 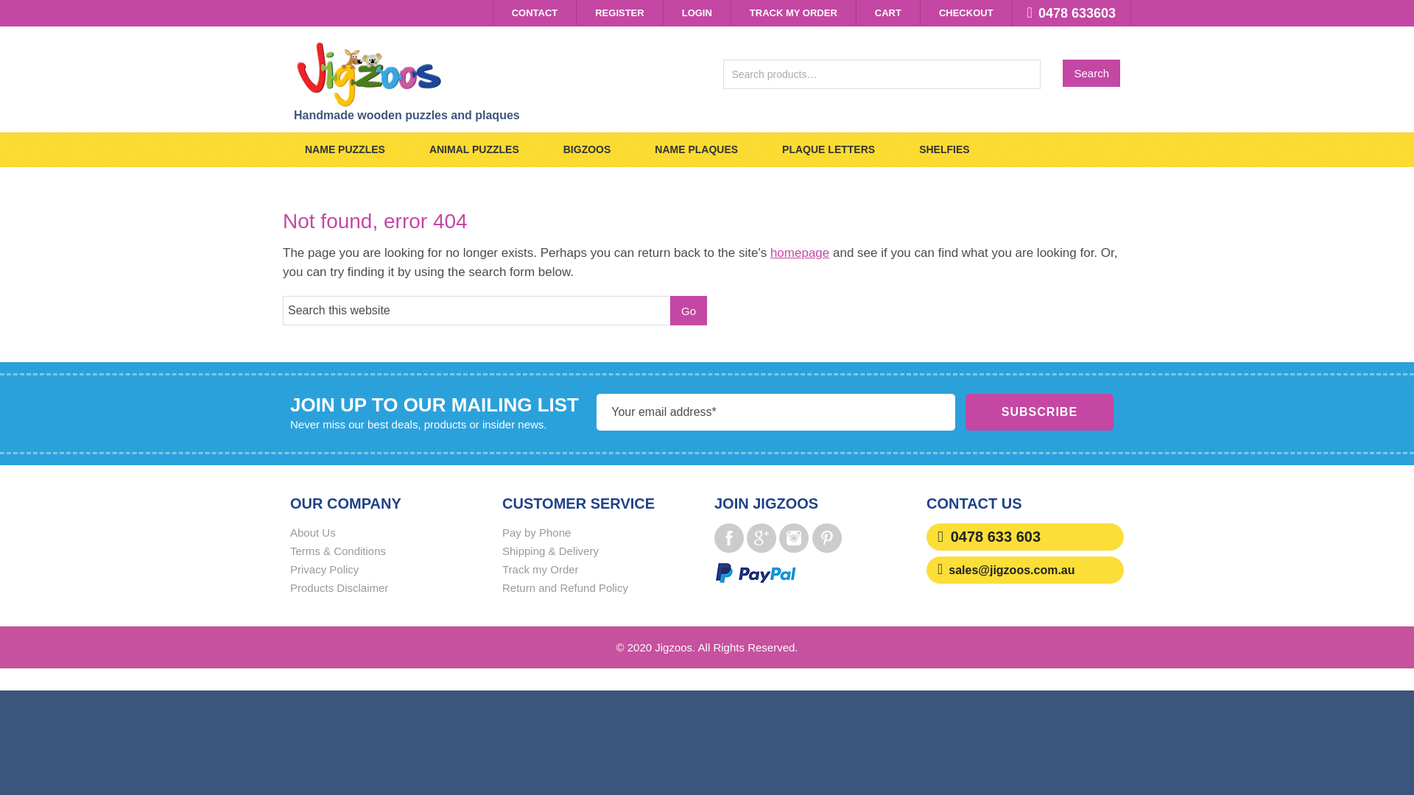 What do you see at coordinates (474, 149) in the screenshot?
I see `'ANIMAL PUZZLES'` at bounding box center [474, 149].